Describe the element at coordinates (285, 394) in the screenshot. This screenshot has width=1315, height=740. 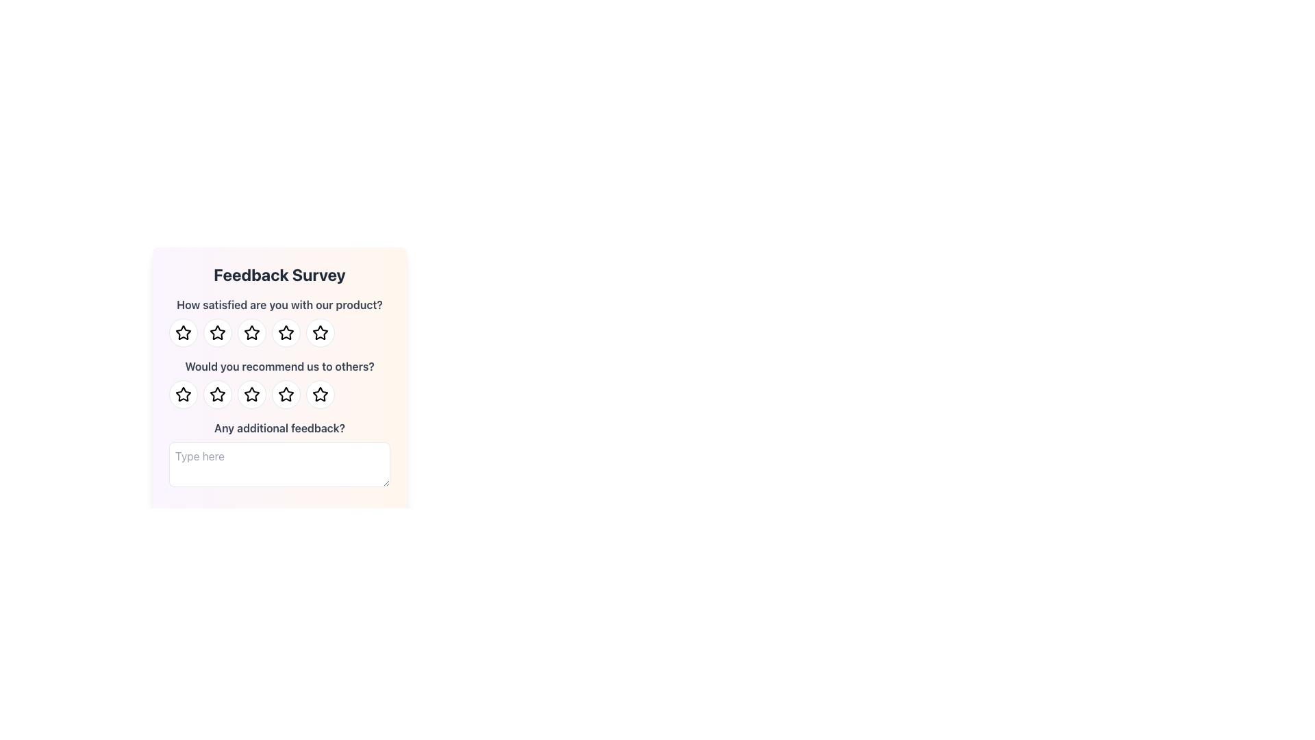
I see `the fourth star in the rating system under the question 'Would you recommend us to others?'` at that location.